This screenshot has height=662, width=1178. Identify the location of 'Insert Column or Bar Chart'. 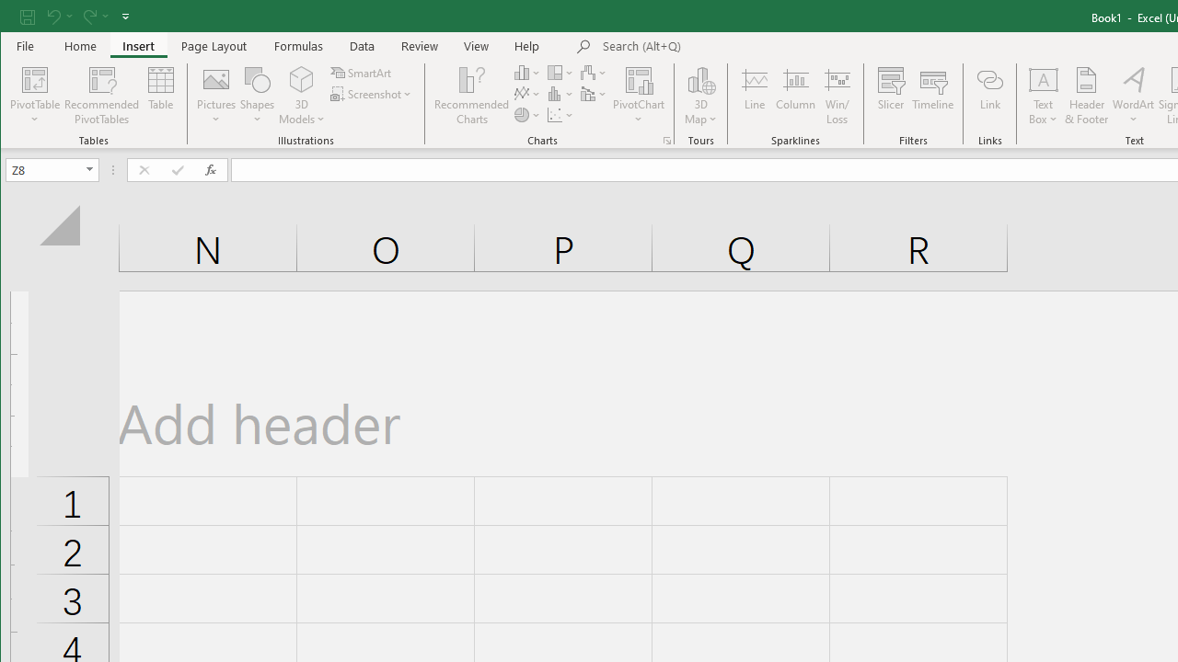
(526, 72).